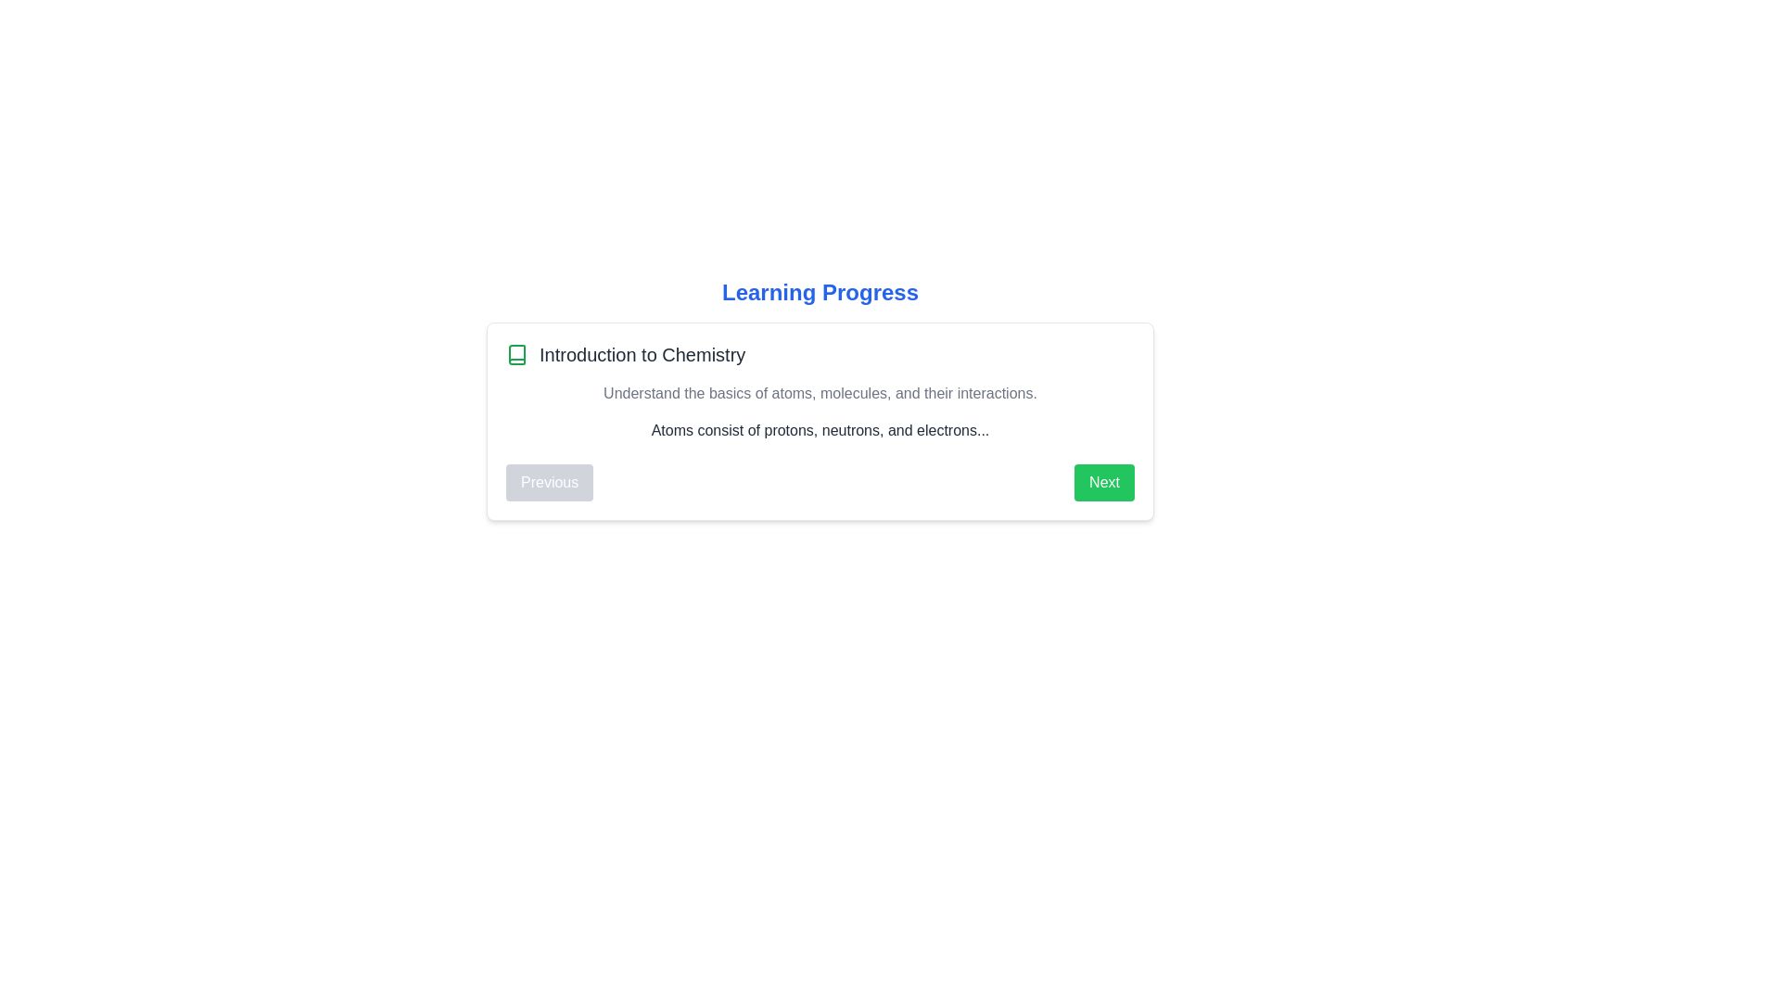 The width and height of the screenshot is (1780, 1001). What do you see at coordinates (516, 354) in the screenshot?
I see `the green book icon located to the left of the text 'Introduction to Chemistry' in the upper-left corner of the card area` at bounding box center [516, 354].